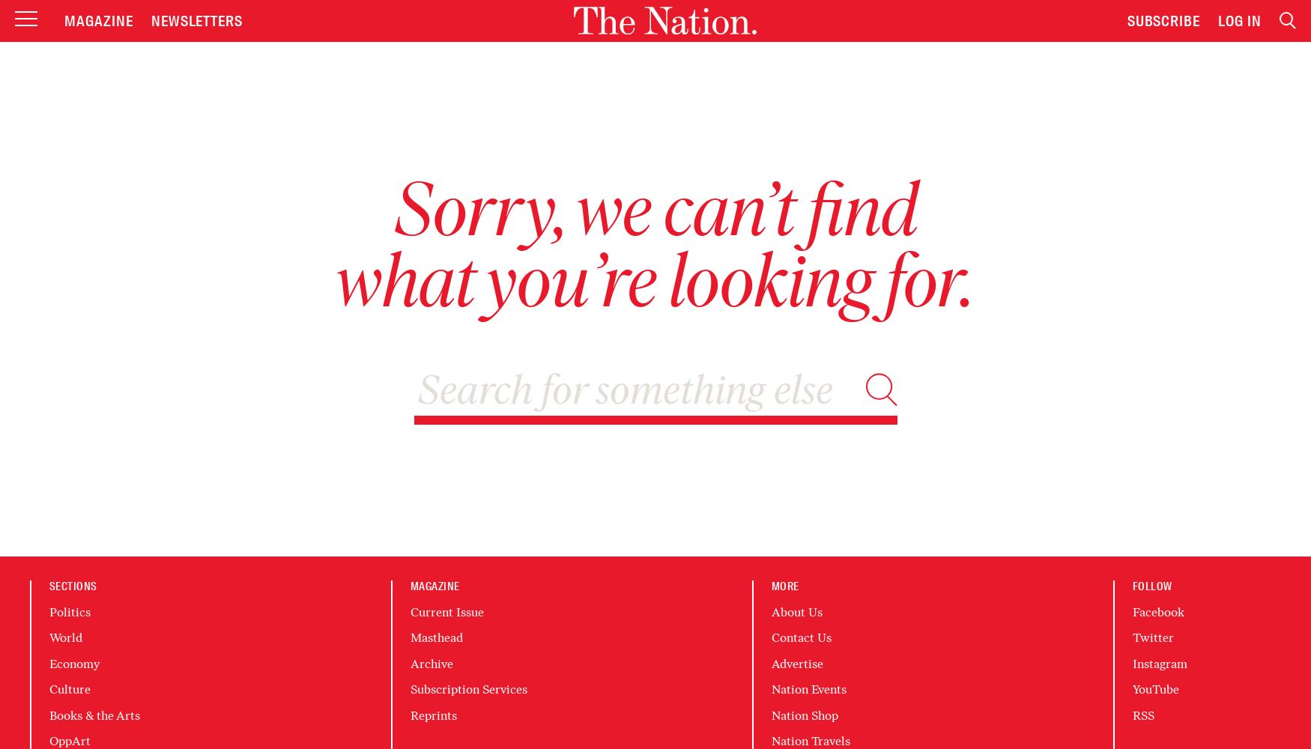 The width and height of the screenshot is (1311, 749). I want to click on 'Subscription Services', so click(468, 689).